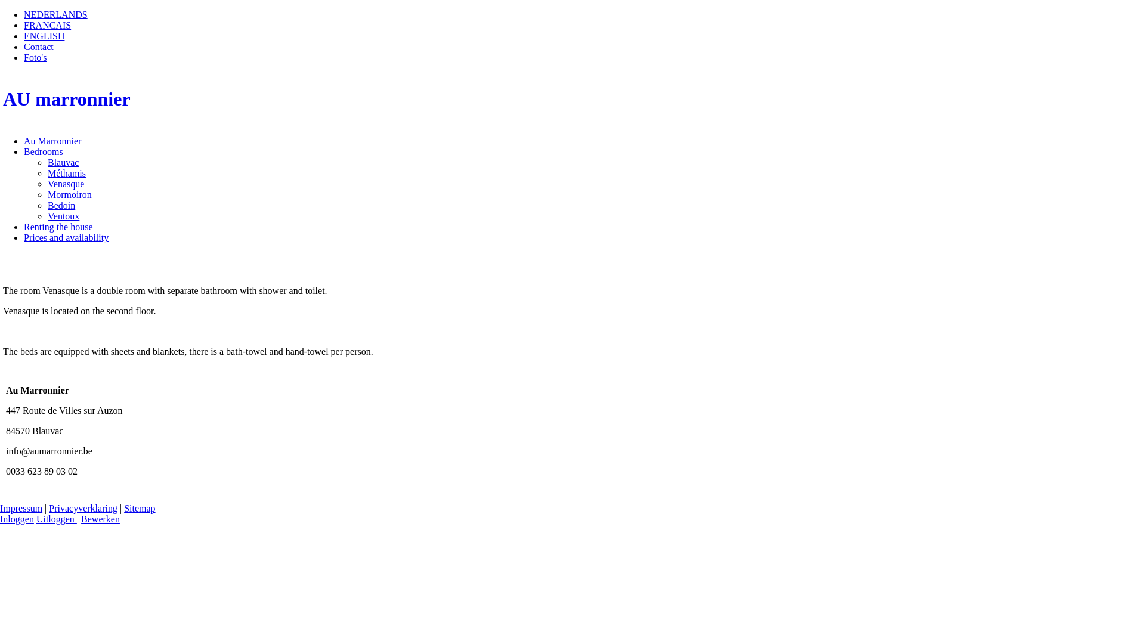 This screenshot has height=644, width=1145. Describe the element at coordinates (17, 518) in the screenshot. I see `'Inloggen'` at that location.